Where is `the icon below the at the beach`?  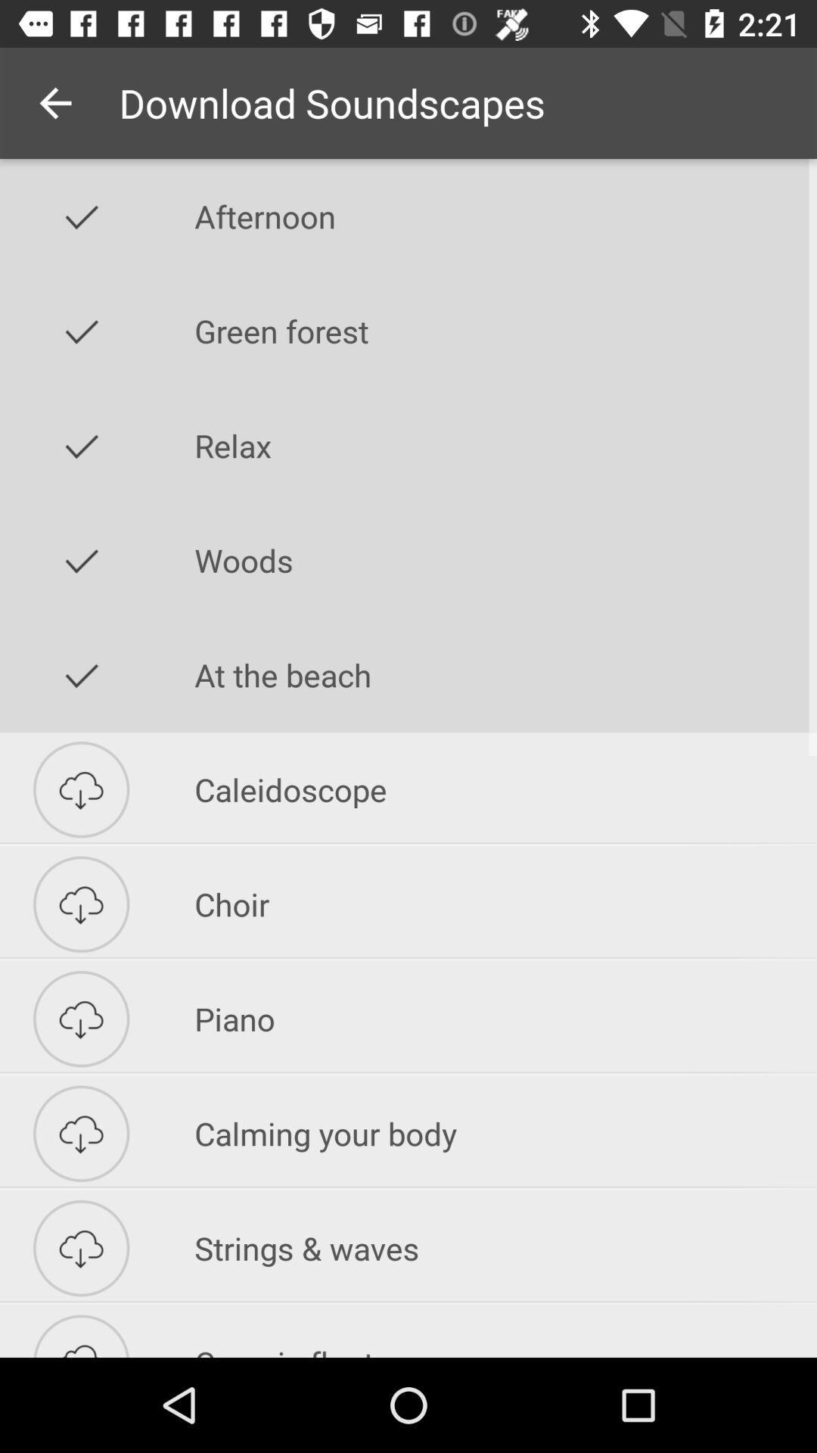
the icon below the at the beach is located at coordinates (505, 789).